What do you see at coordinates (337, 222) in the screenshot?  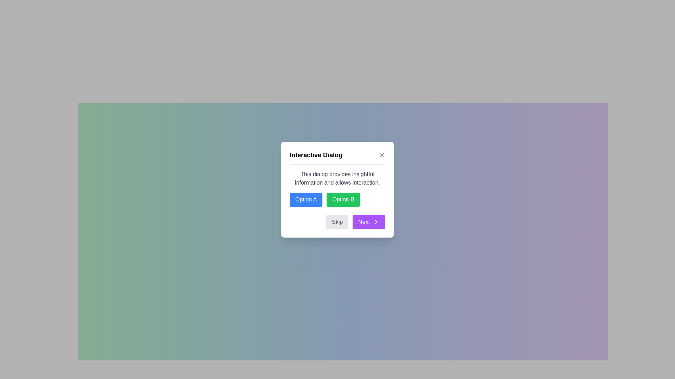 I see `the button located near the bottom of the dialog box, aligned to the left of the purple 'Next' button, to skip the current operation` at bounding box center [337, 222].